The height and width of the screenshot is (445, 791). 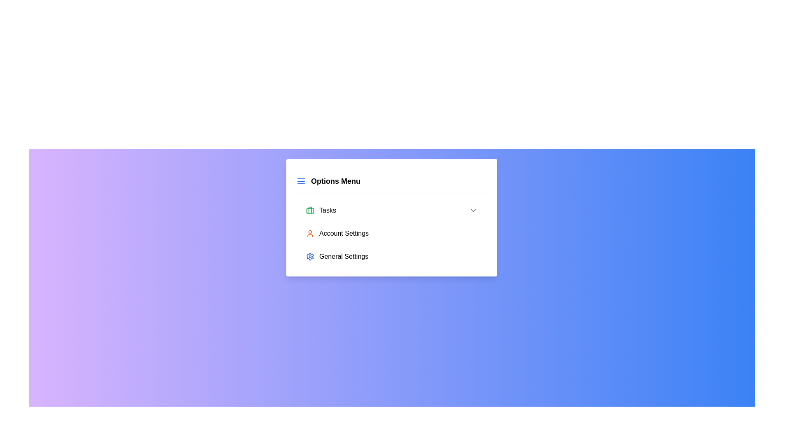 I want to click on the third menu option labeled 'General Settings', so click(x=391, y=256).